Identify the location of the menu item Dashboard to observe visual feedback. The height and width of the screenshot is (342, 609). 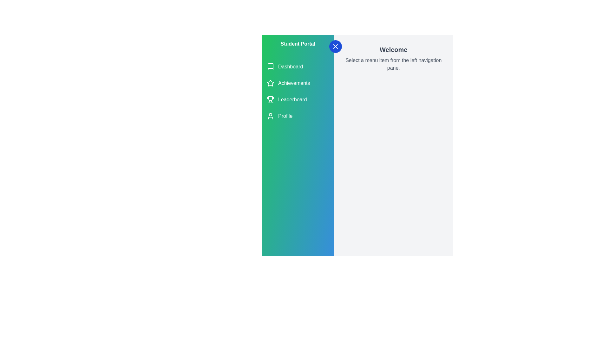
(298, 67).